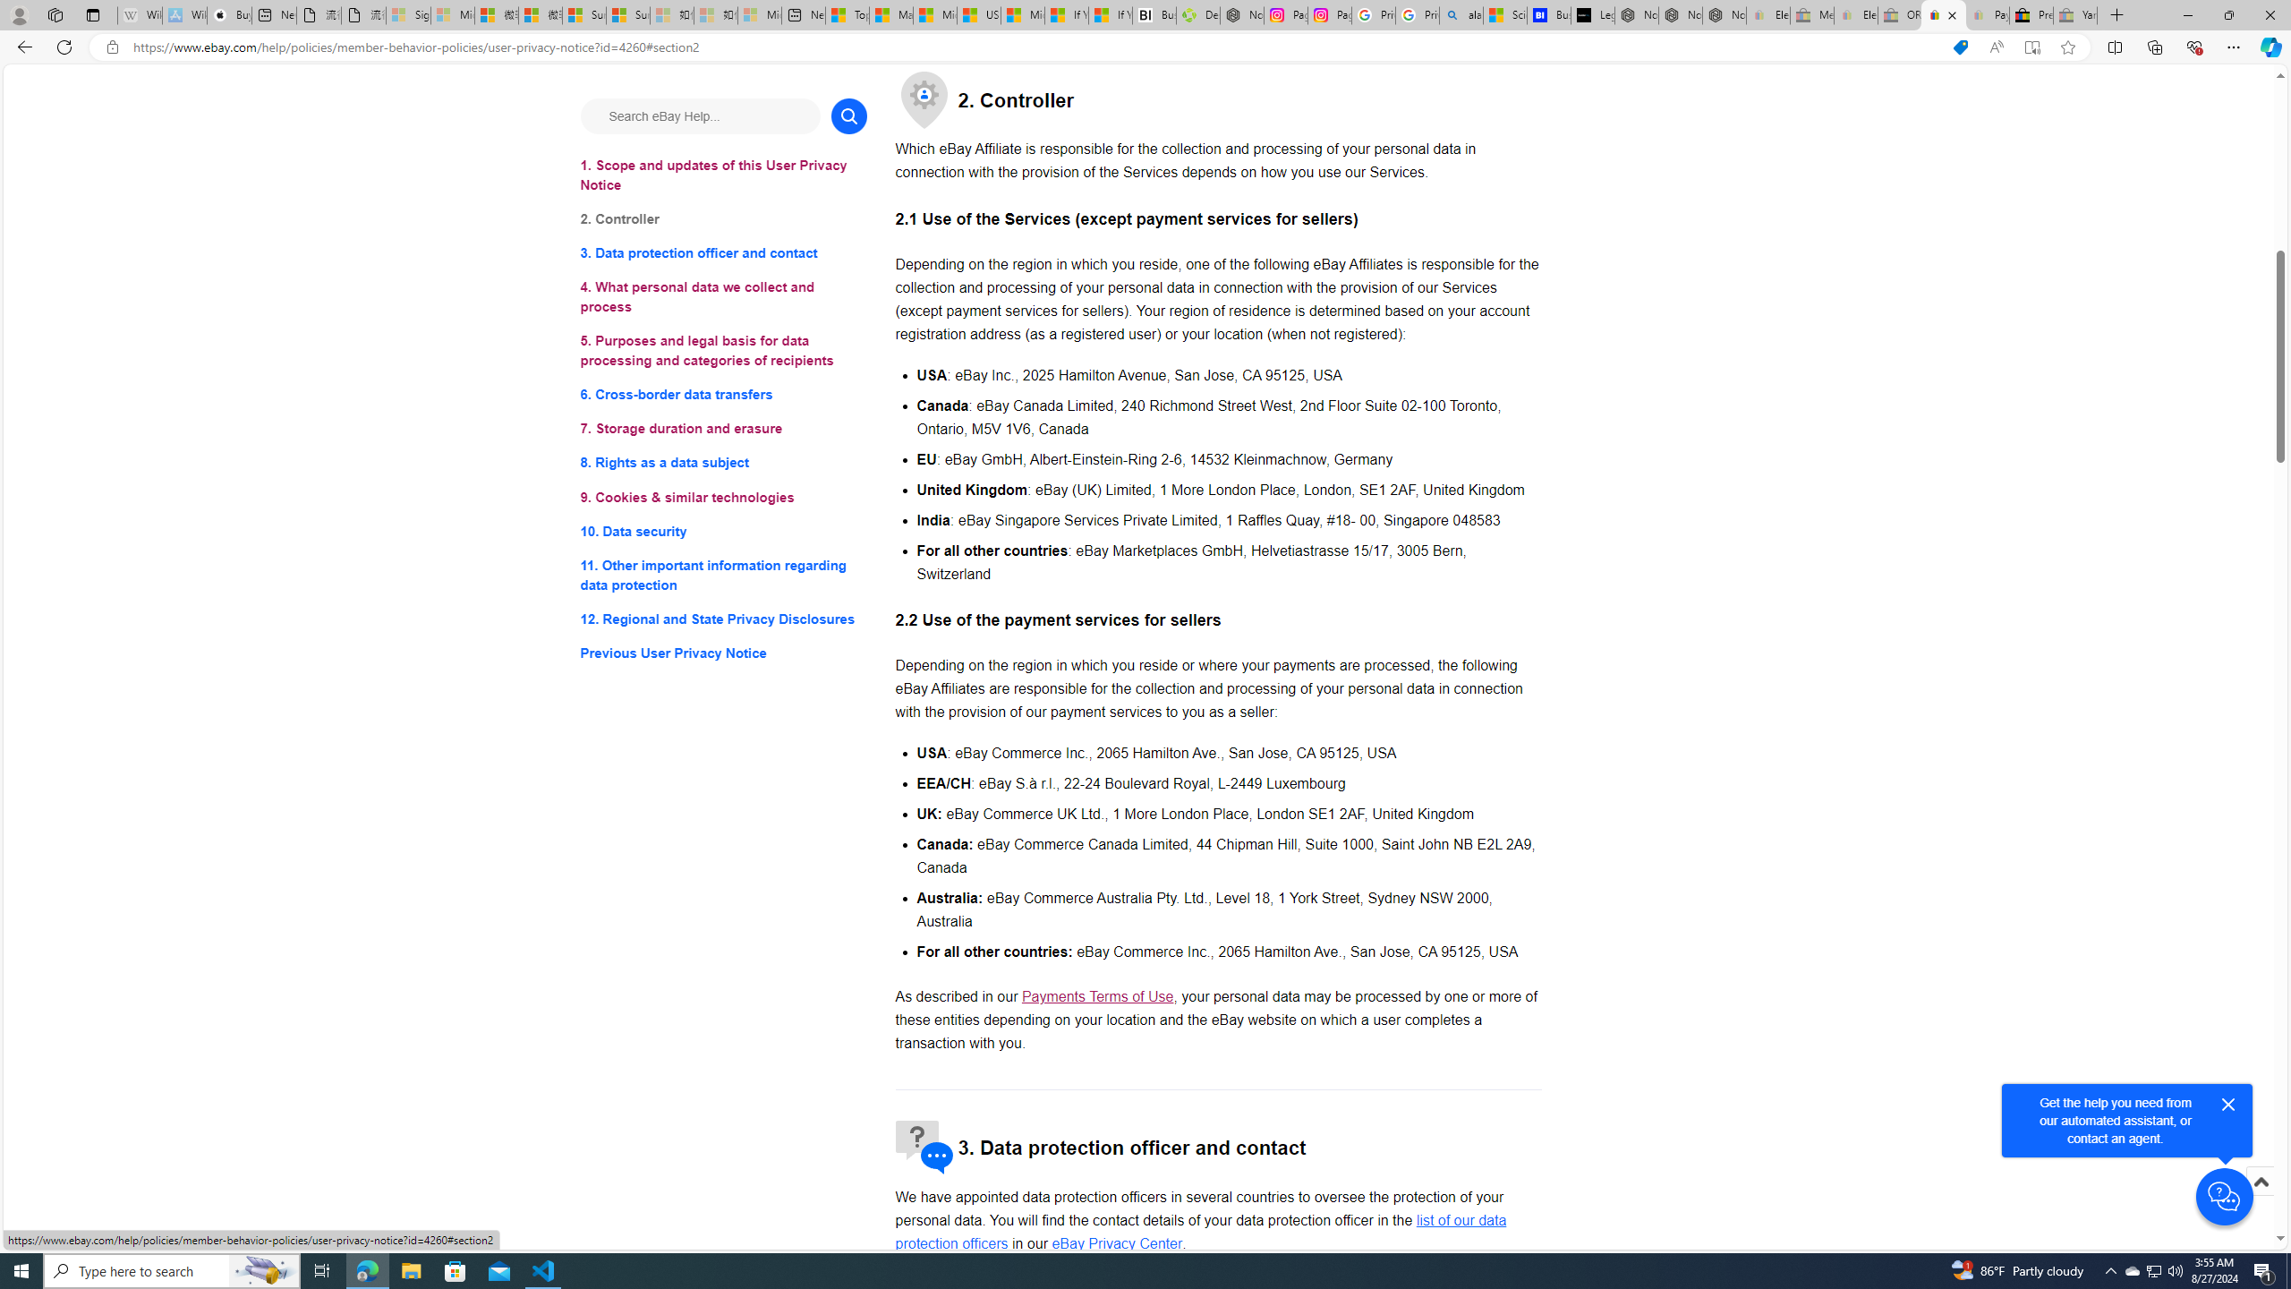 This screenshot has width=2291, height=1289. I want to click on '2. Controller', so click(722, 218).